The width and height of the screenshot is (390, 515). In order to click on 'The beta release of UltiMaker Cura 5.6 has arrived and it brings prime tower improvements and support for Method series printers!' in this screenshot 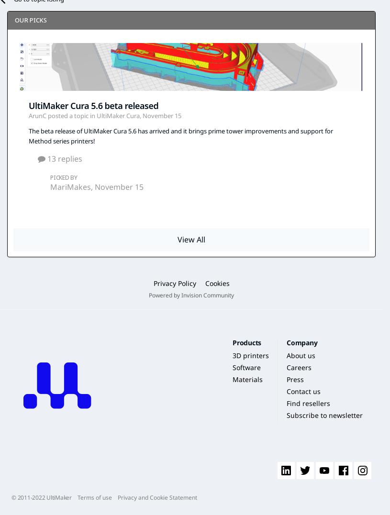, I will do `click(180, 135)`.